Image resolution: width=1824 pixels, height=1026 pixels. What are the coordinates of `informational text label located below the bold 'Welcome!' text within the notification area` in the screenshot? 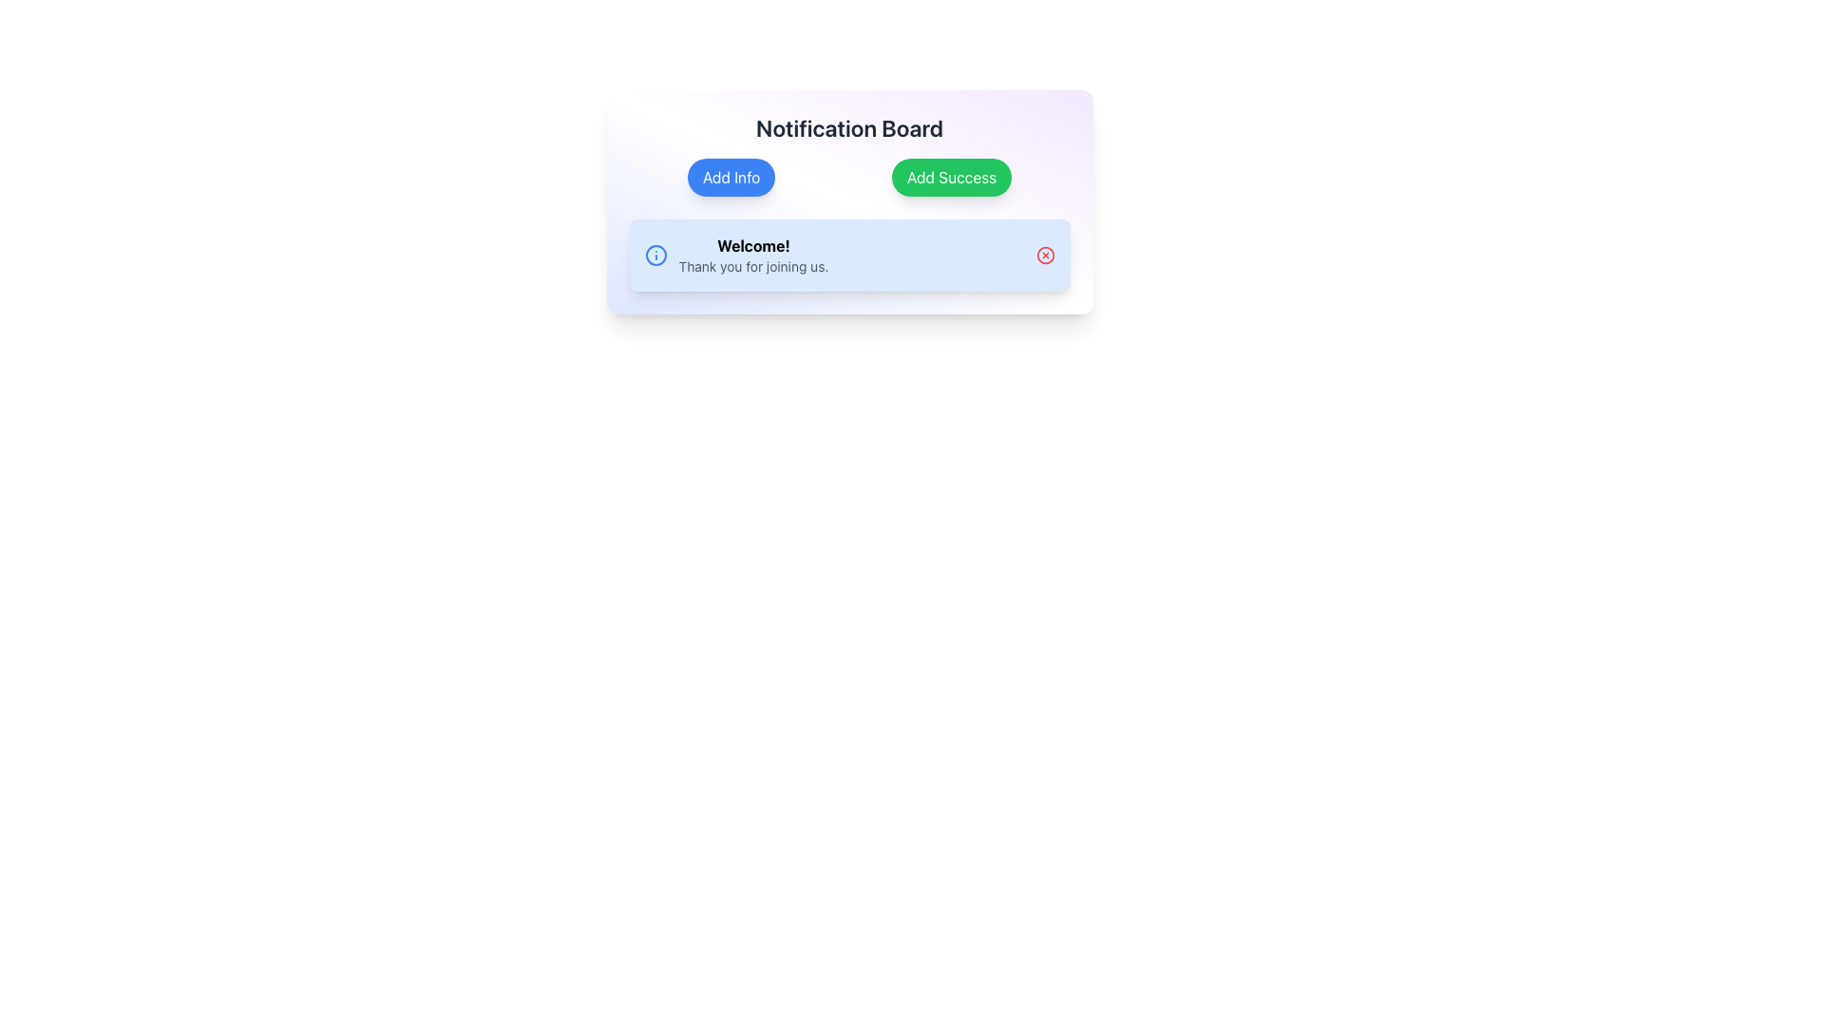 It's located at (752, 267).